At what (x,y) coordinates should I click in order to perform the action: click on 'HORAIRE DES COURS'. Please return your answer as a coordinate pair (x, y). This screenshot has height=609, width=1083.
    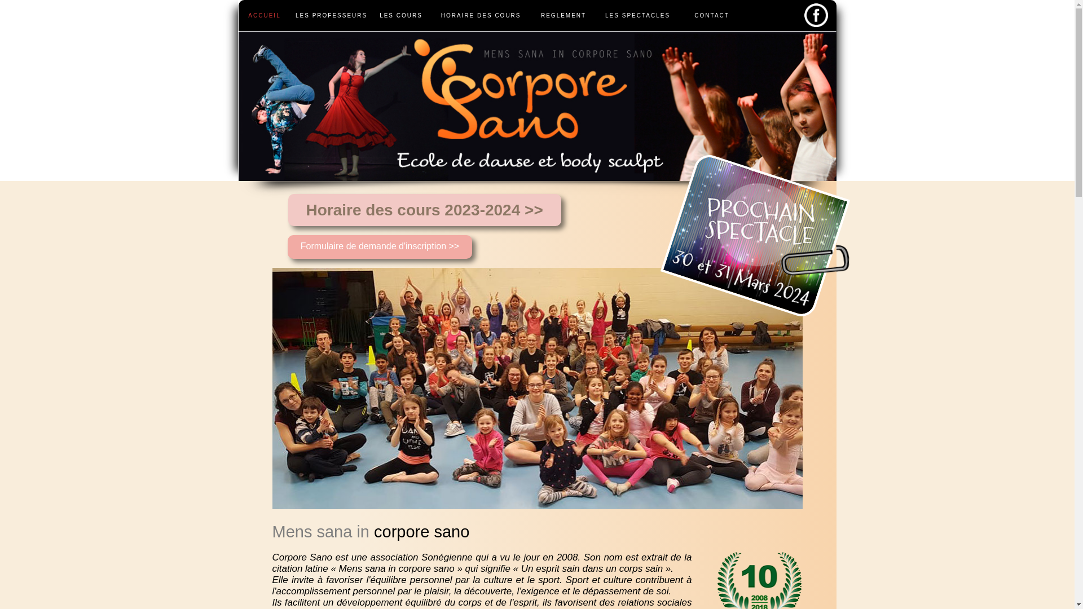
    Looking at the image, I should click on (481, 15).